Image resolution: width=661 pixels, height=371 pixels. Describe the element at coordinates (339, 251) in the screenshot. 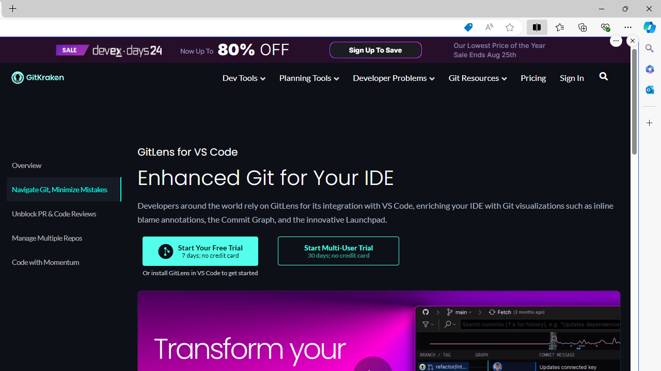

I see `'Start Multi-User Trial 30 days; no credit card'` at that location.